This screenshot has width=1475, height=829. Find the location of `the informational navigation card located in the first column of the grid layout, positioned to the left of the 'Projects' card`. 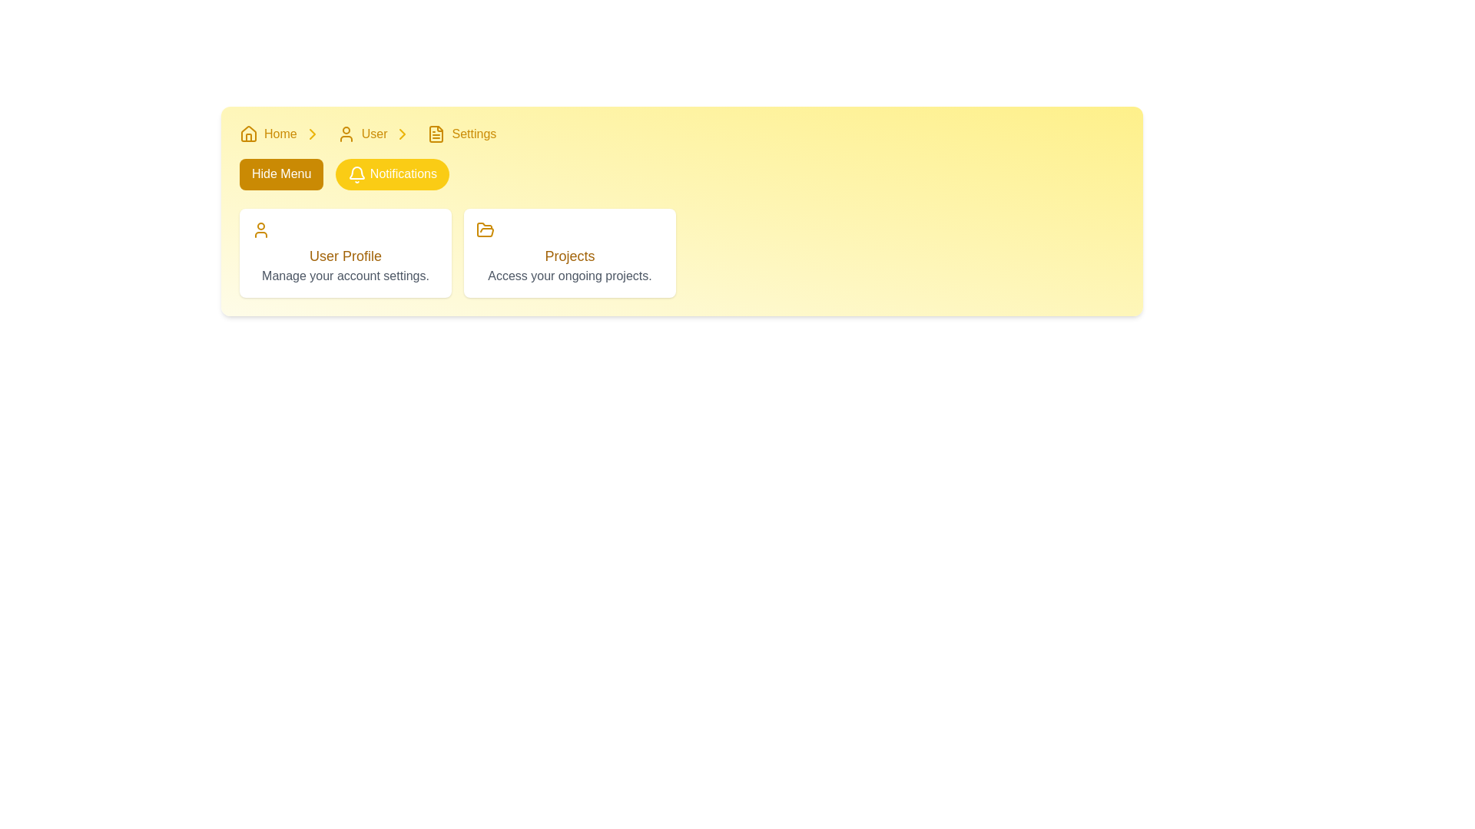

the informational navigation card located in the first column of the grid layout, positioned to the left of the 'Projects' card is located at coordinates (345, 251).